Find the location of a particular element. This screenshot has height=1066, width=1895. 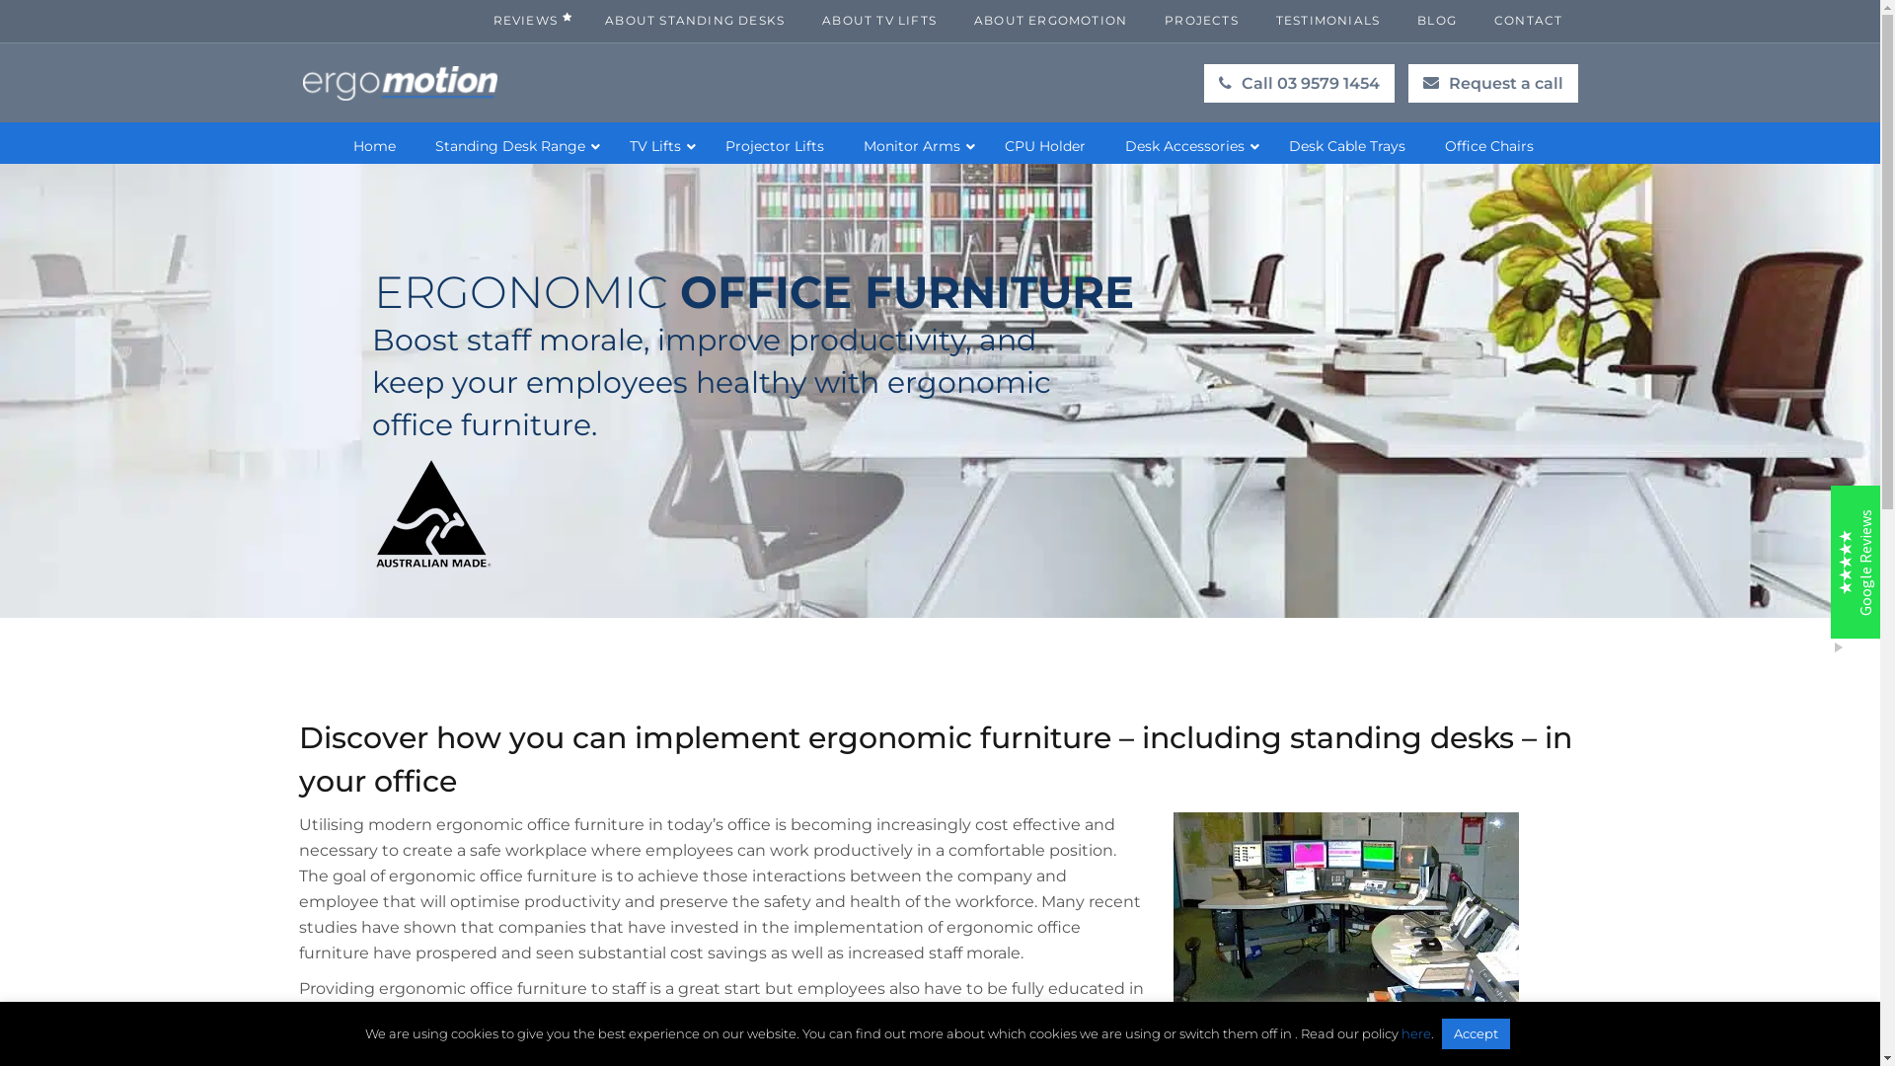

'BLOG' is located at coordinates (1397, 20).